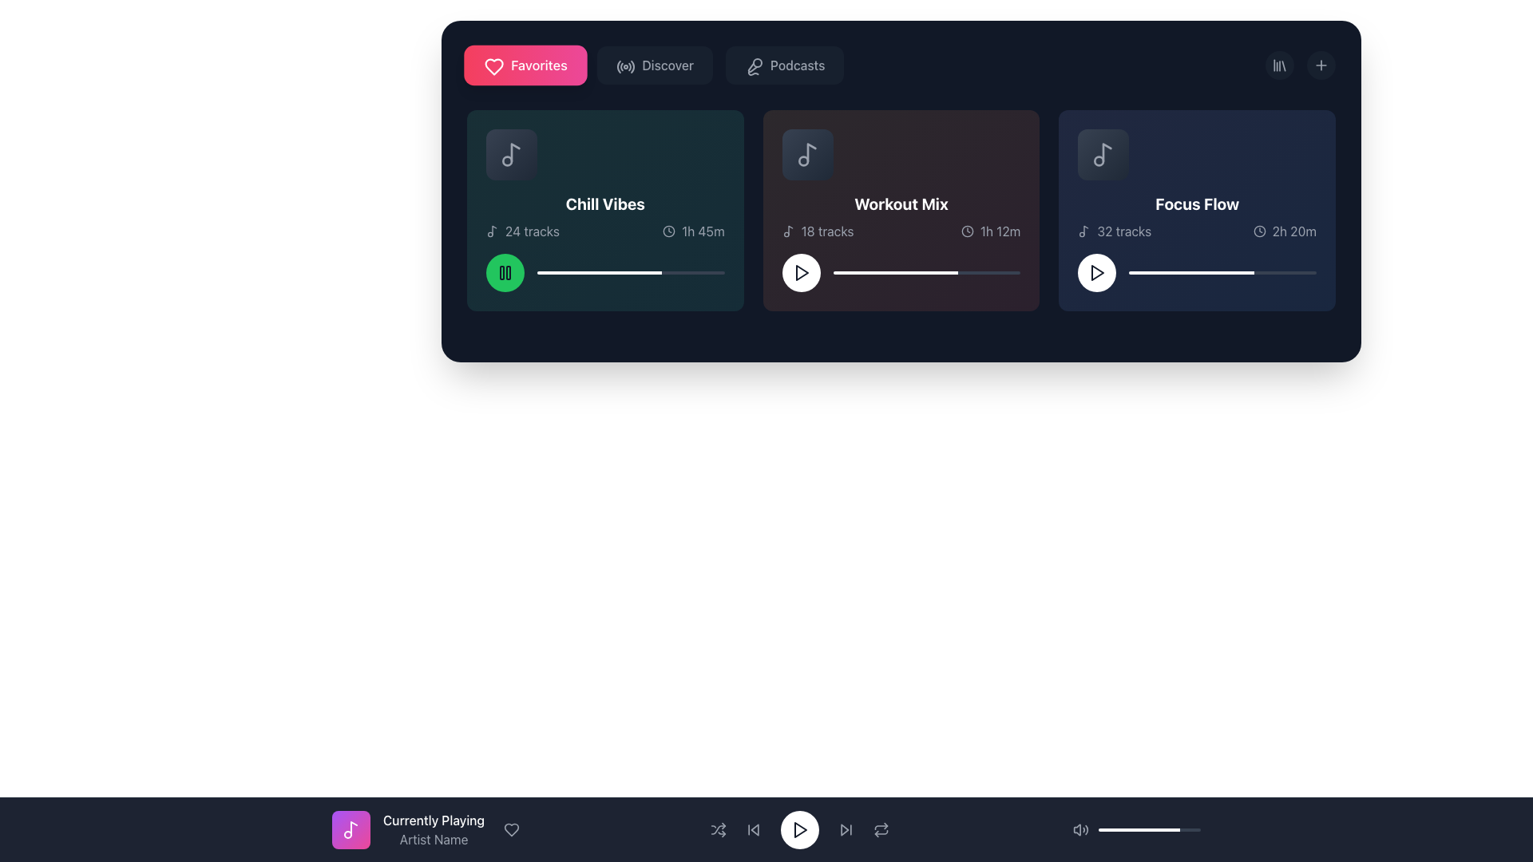 The width and height of the screenshot is (1533, 862). I want to click on the circular outline of the SVG clock face located in the center of the 'Chill Vibes' card, so click(669, 231).